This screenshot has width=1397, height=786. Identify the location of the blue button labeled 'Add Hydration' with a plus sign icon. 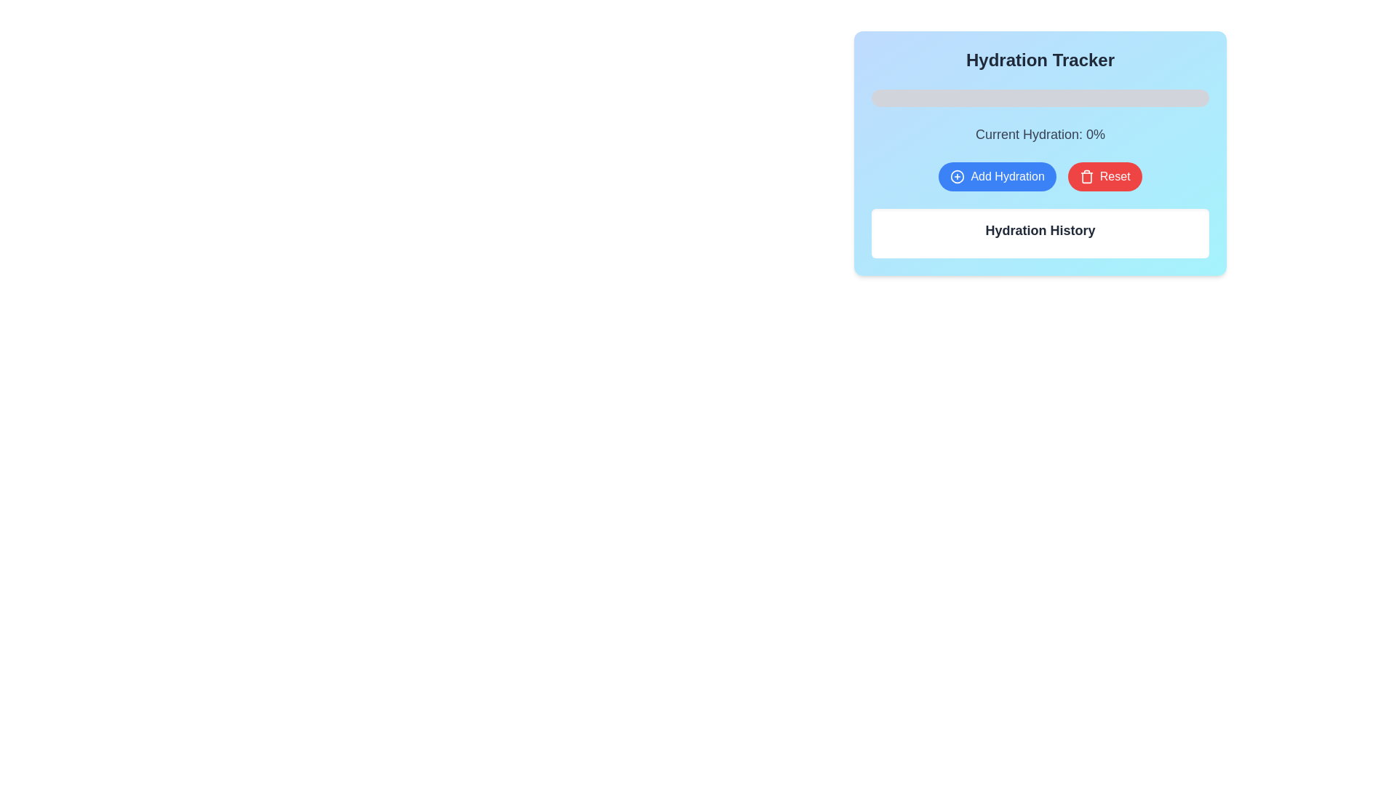
(997, 176).